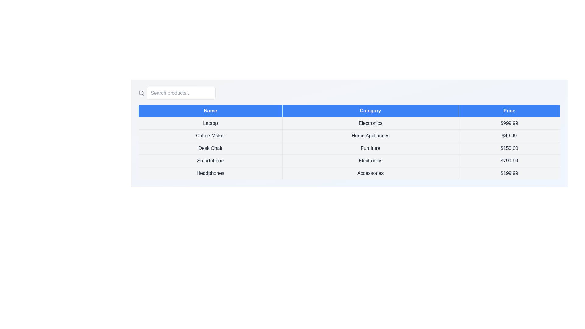 Image resolution: width=585 pixels, height=329 pixels. I want to click on the gray magnifying glass icon representing search functionality, located to the left of the 'Search products...' text input field, so click(141, 93).